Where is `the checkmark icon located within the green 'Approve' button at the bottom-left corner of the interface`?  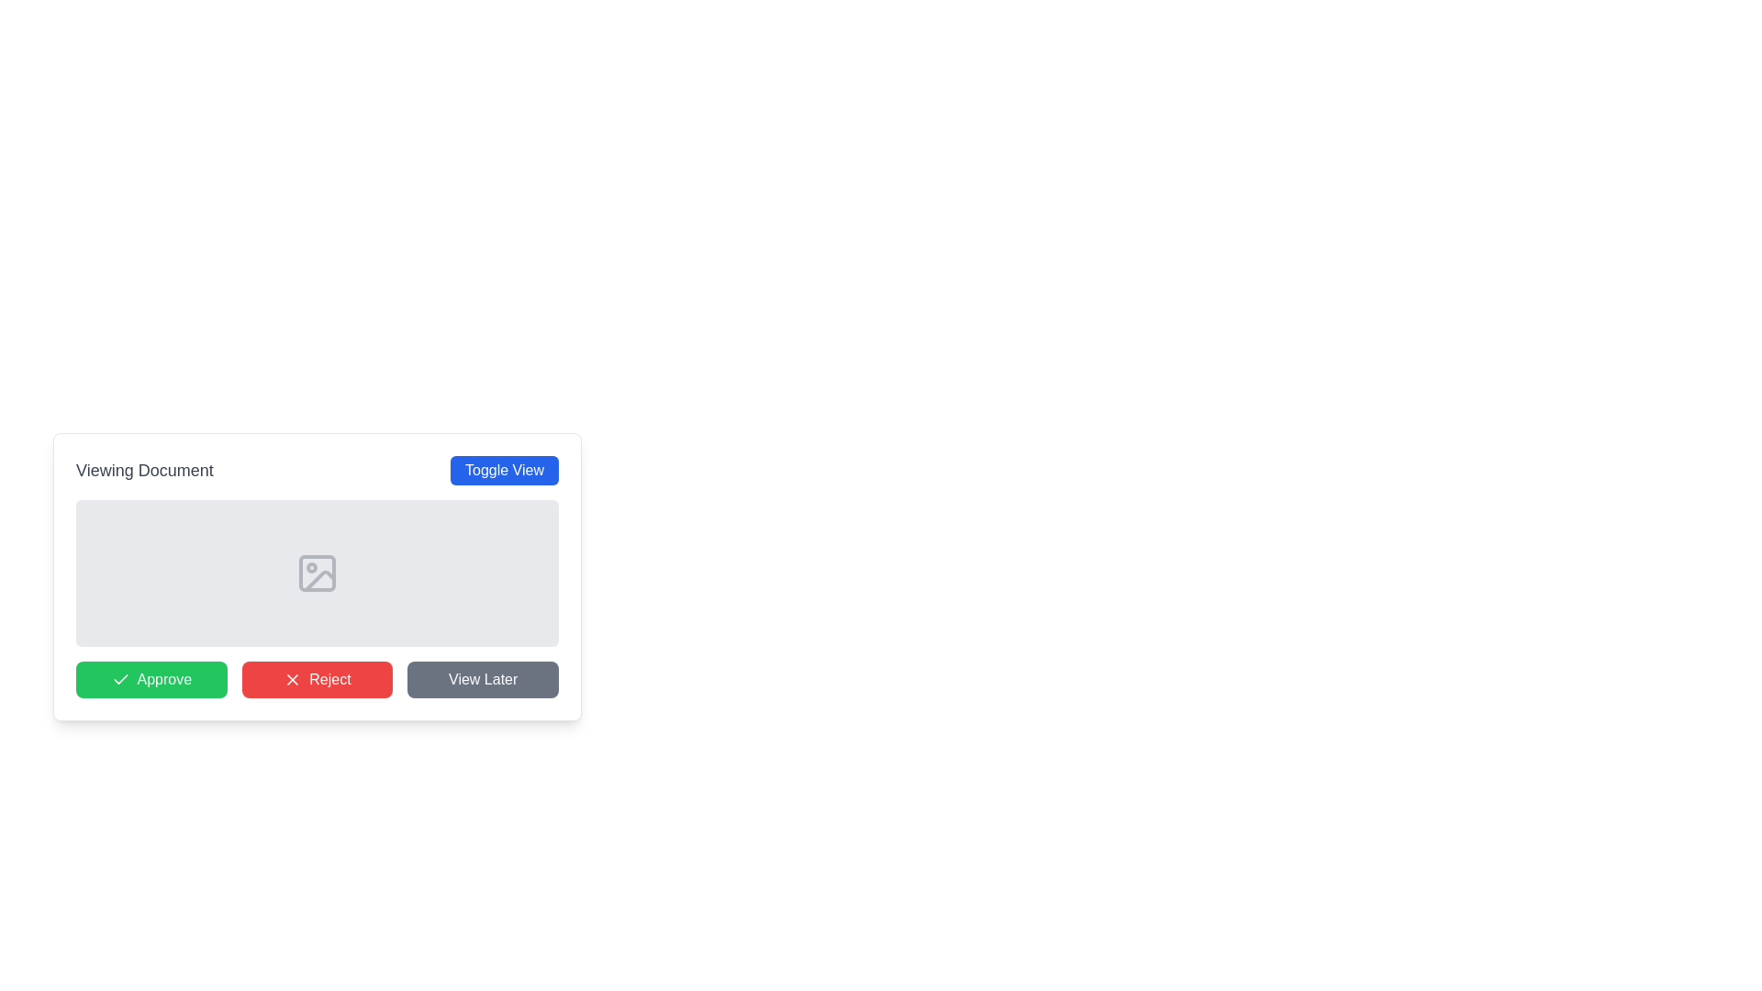
the checkmark icon located within the green 'Approve' button at the bottom-left corner of the interface is located at coordinates (119, 679).